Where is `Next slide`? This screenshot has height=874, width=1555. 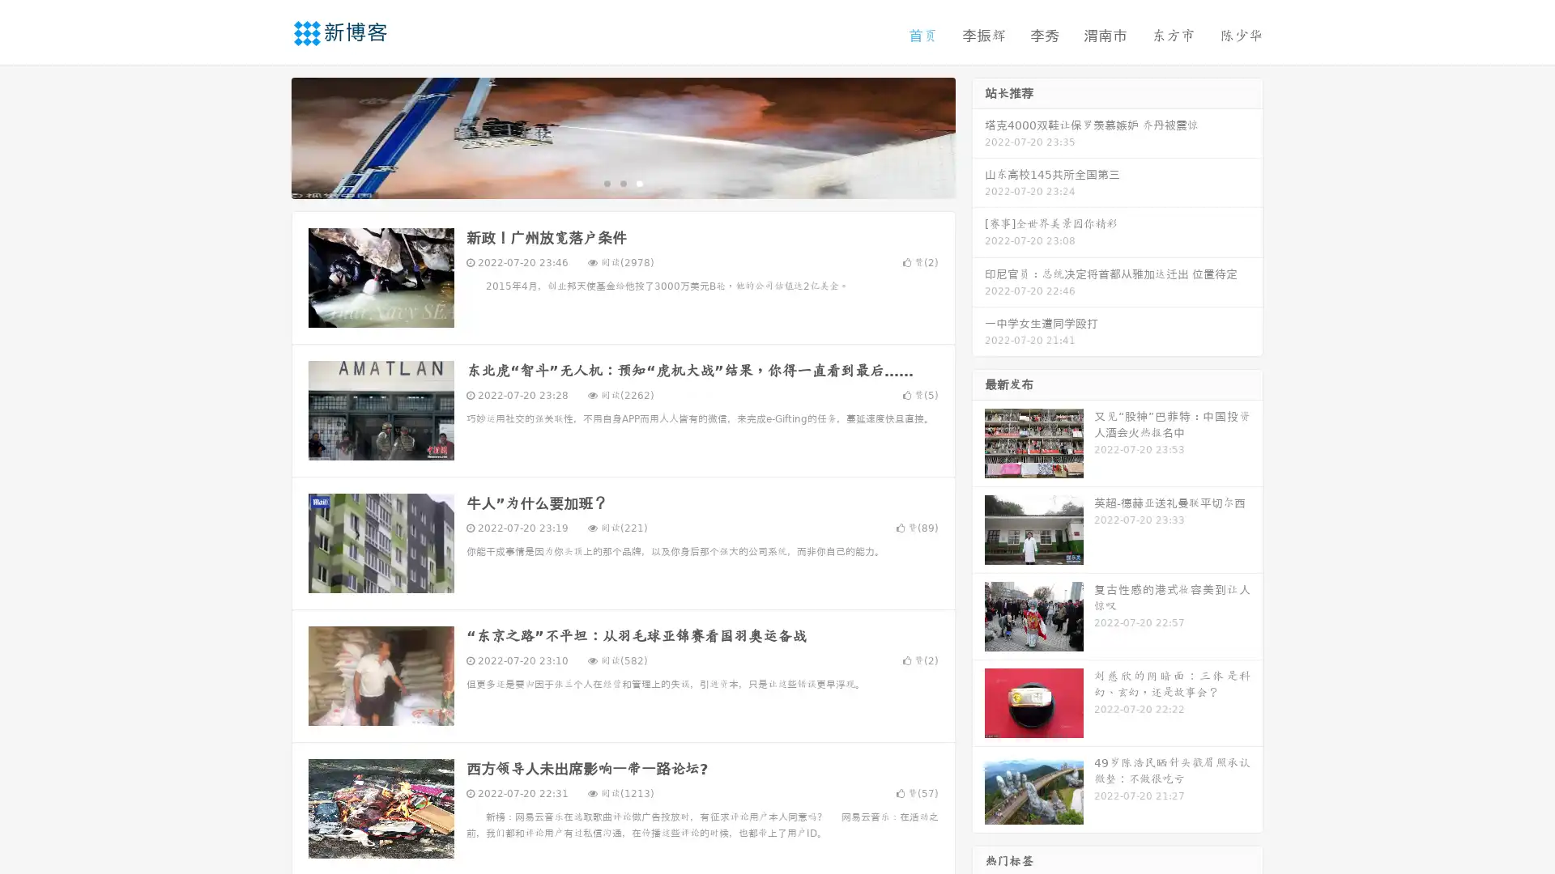
Next slide is located at coordinates (978, 136).